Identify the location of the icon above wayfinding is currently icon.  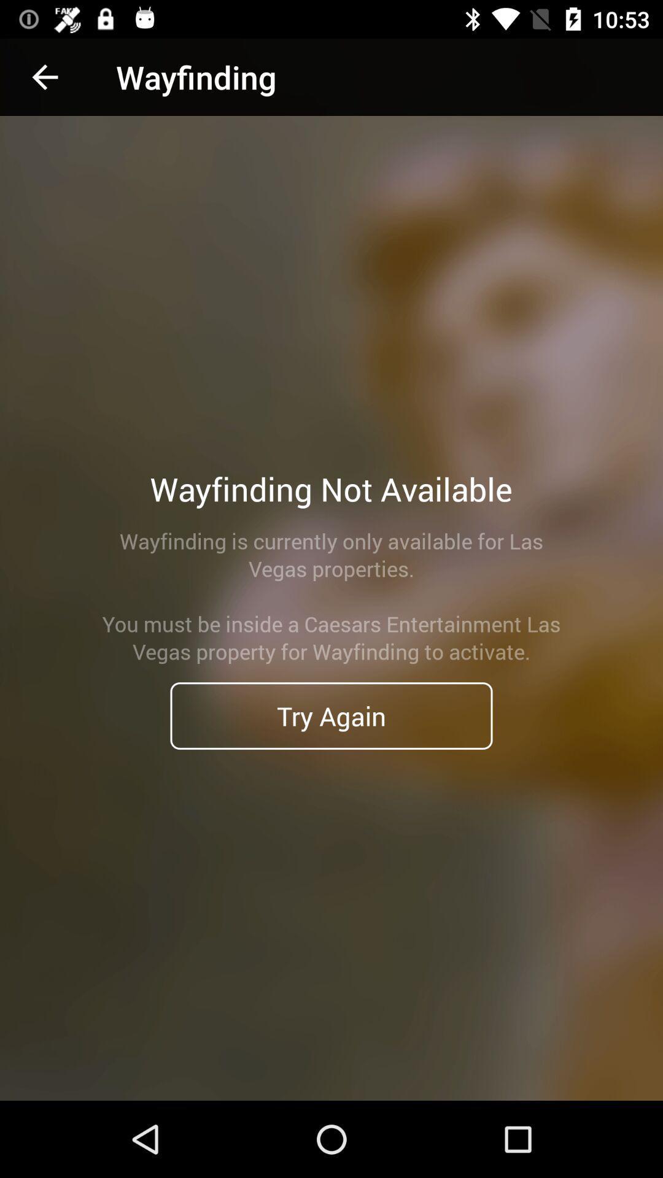
(44, 76).